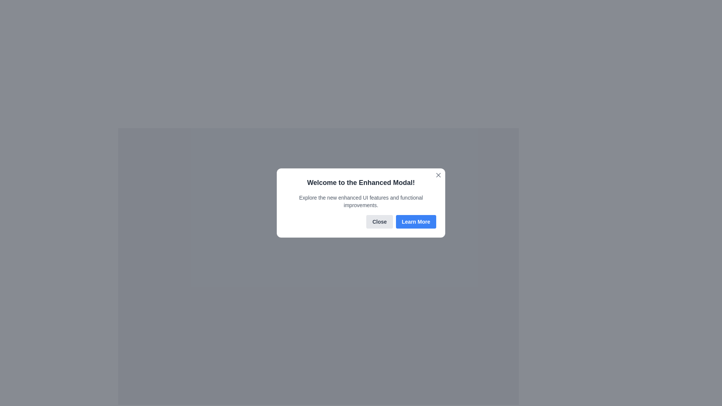 The height and width of the screenshot is (406, 722). Describe the element at coordinates (379, 221) in the screenshot. I see `the close button in the modal footer to observe the hover effect` at that location.